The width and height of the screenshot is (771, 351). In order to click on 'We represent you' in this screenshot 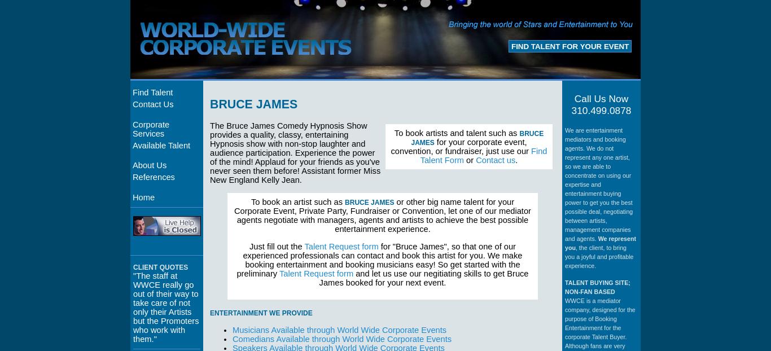, I will do `click(565, 242)`.